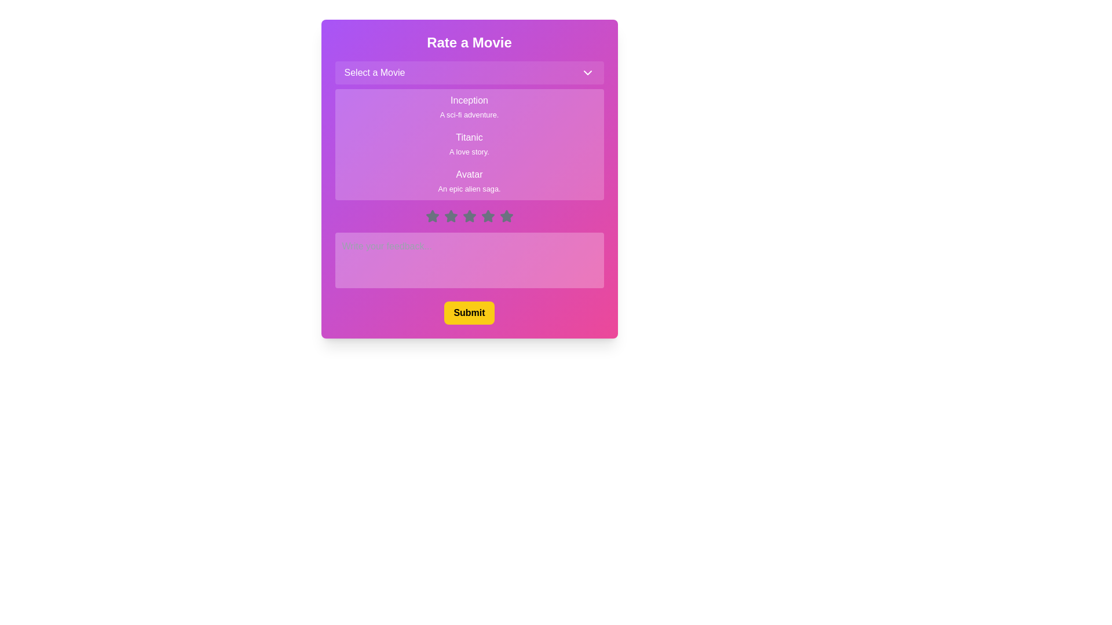 The image size is (1112, 625). I want to click on the fifth star icon for rating, which is dark gray and located on a gradient purple background, so click(506, 216).